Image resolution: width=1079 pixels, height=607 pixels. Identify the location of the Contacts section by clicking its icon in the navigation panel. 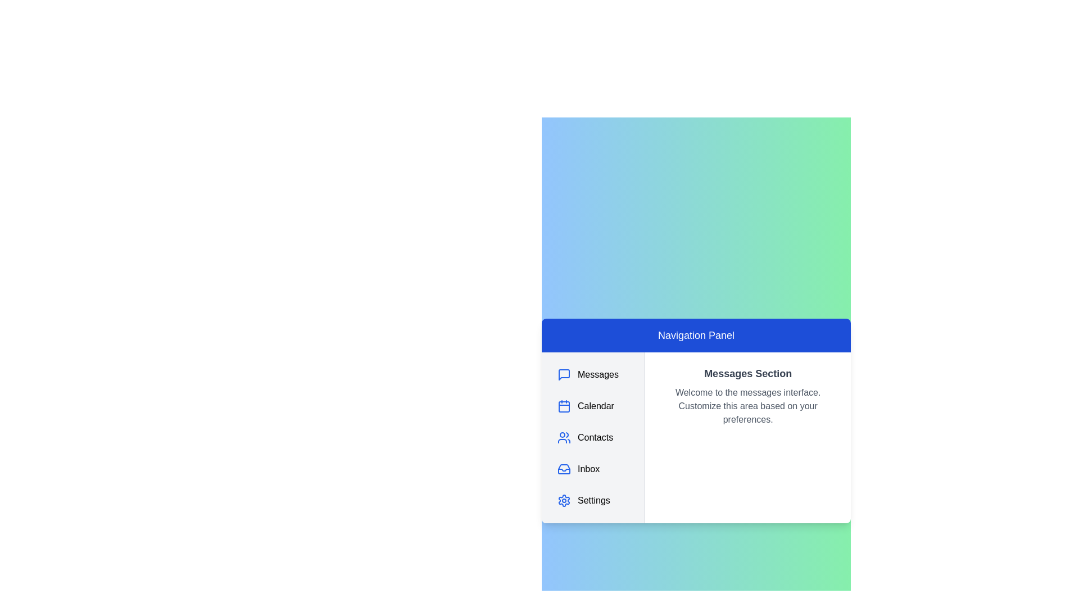
(564, 437).